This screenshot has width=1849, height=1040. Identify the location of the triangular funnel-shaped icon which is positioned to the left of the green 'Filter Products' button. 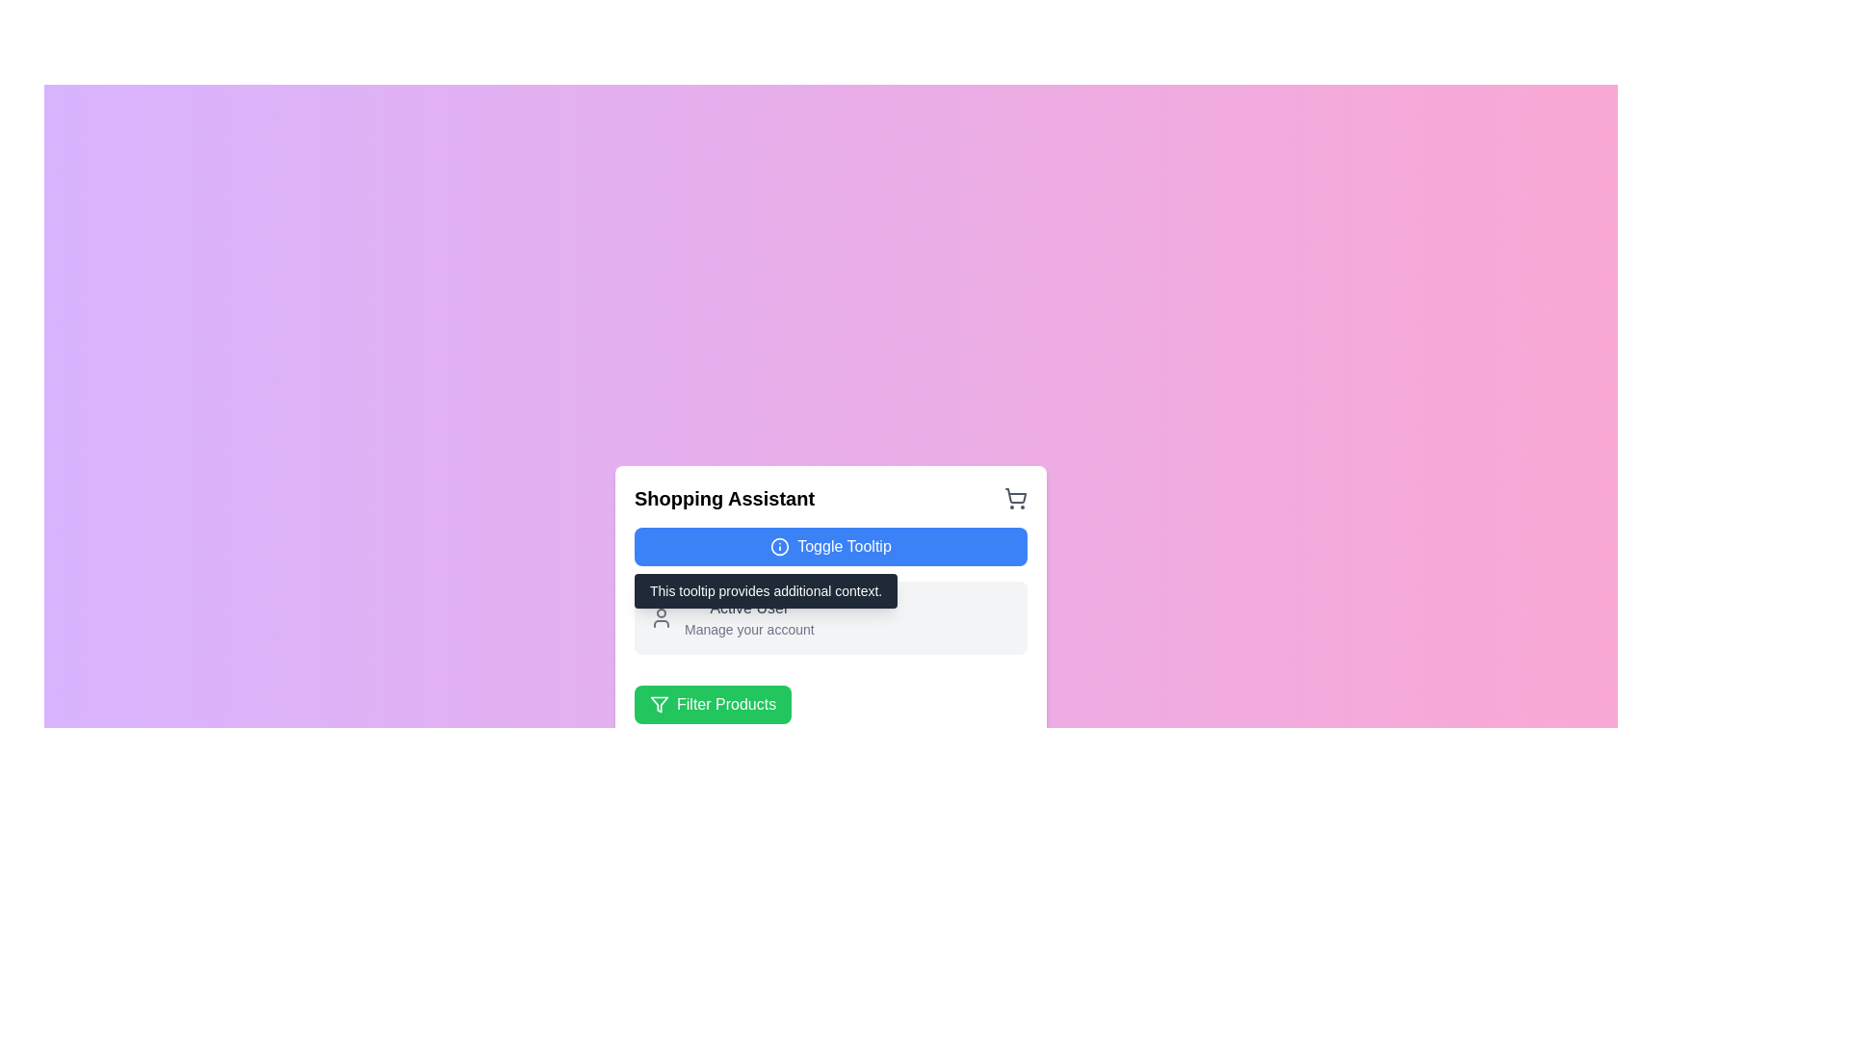
(660, 705).